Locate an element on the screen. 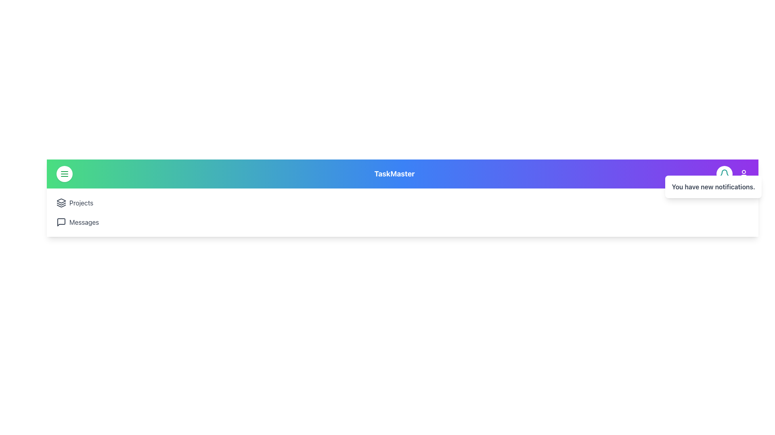 The image size is (775, 435). the 'Projects' icon located in the top left region of the interface, adjacent to the text label 'Projects' is located at coordinates (61, 203).